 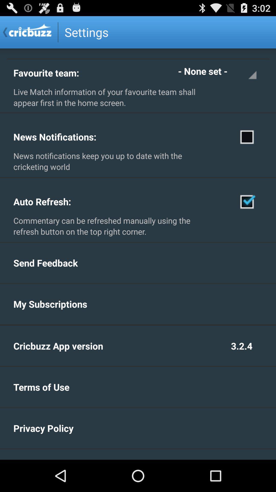 I want to click on check auto refresh option, so click(x=247, y=201).